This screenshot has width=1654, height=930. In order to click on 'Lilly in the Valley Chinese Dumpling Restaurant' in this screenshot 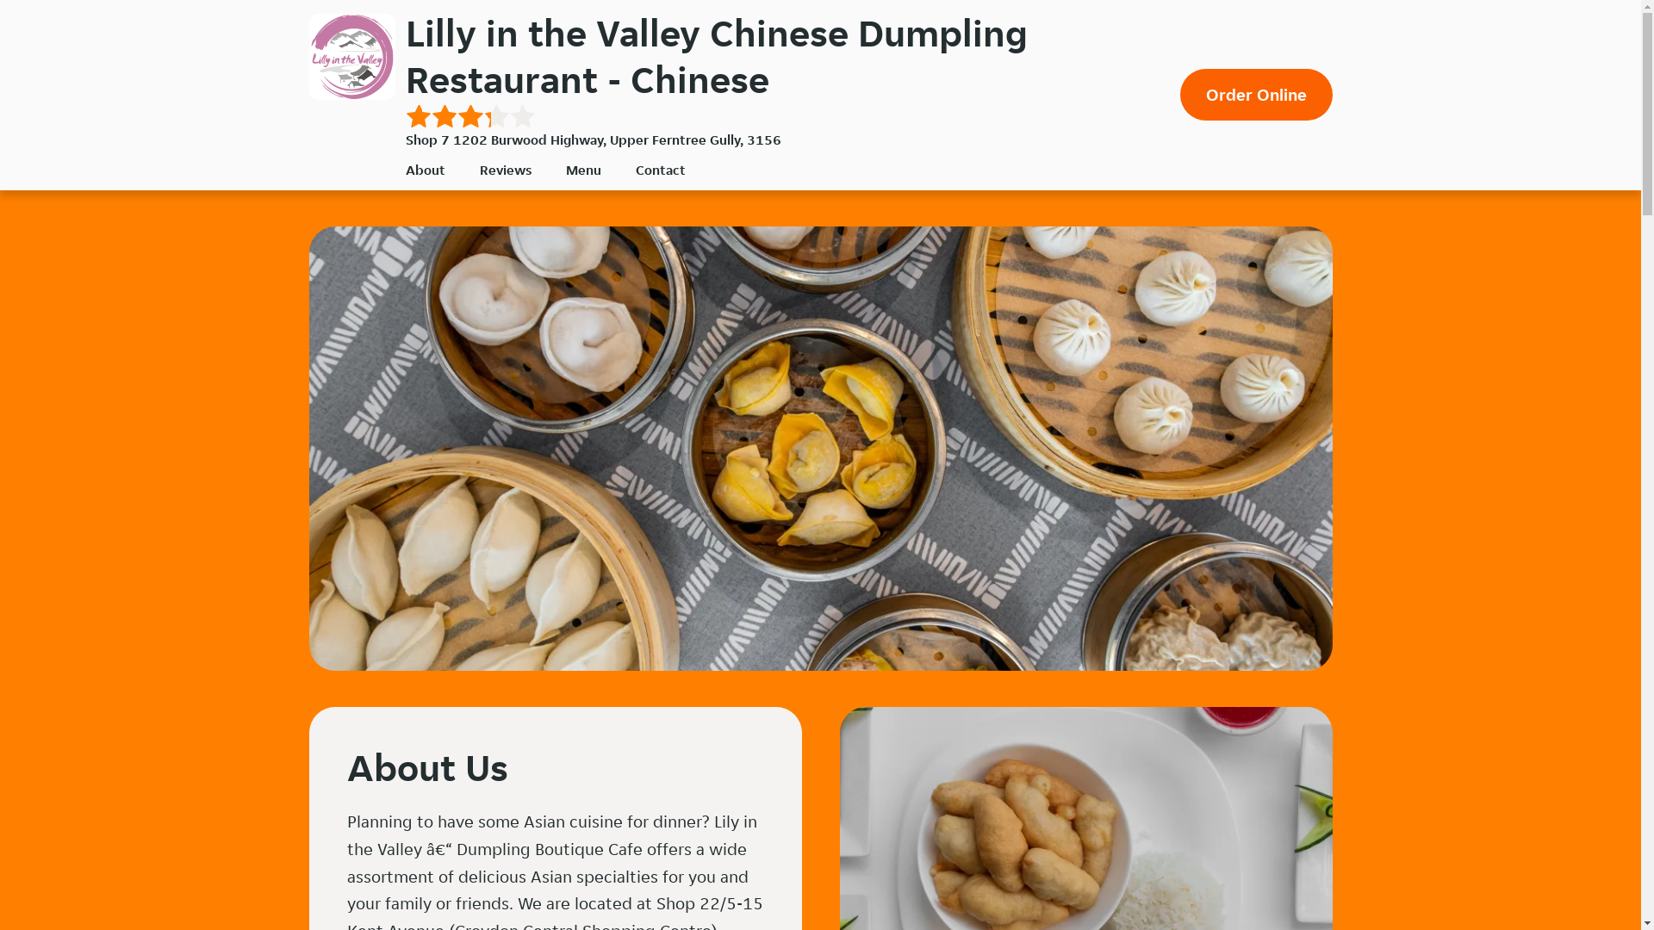, I will do `click(351, 55)`.